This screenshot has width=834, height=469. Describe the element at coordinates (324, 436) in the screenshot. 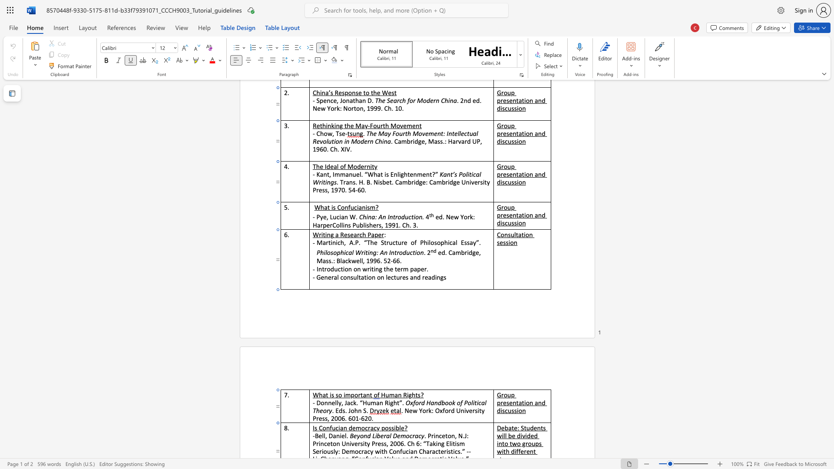

I see `the 2th character "l" in the text` at that location.